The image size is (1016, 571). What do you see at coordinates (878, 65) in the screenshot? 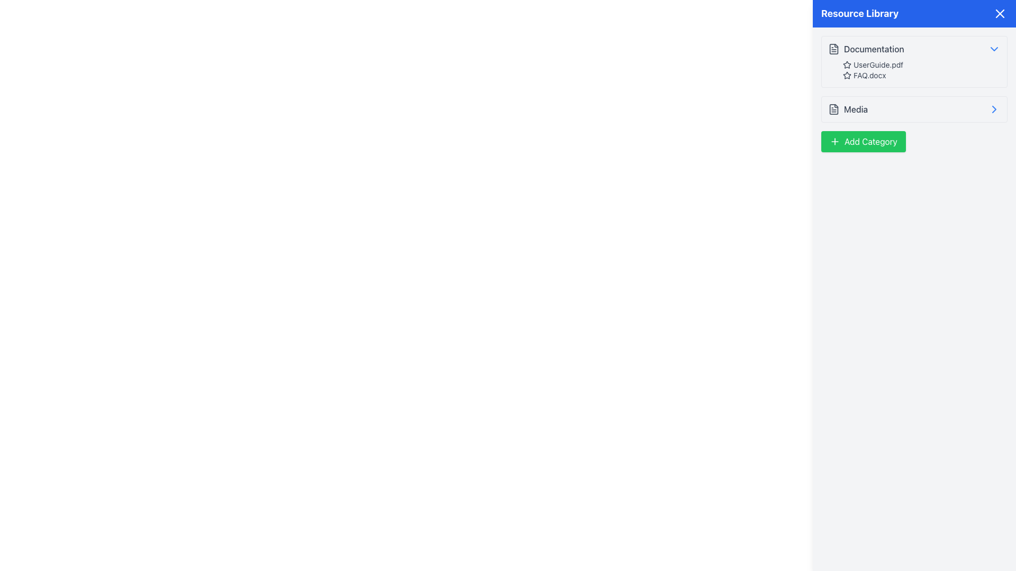
I see `the 'UserGuide.pdf' label in the Resource Library panel` at bounding box center [878, 65].